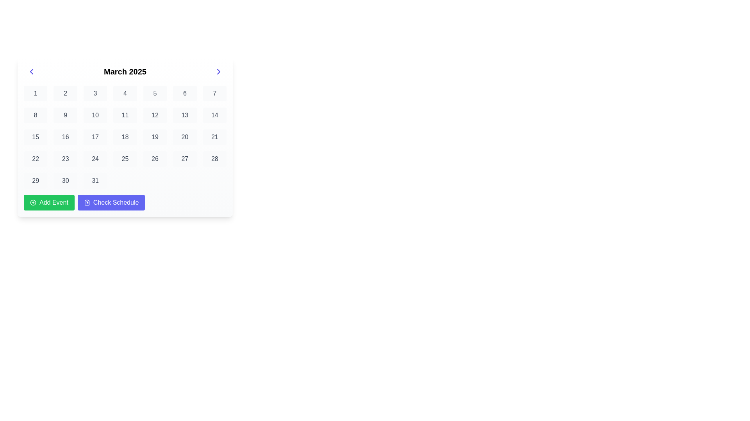 The width and height of the screenshot is (750, 421). What do you see at coordinates (95, 115) in the screenshot?
I see `the text box styled as a calendar day representation displaying '10'` at bounding box center [95, 115].